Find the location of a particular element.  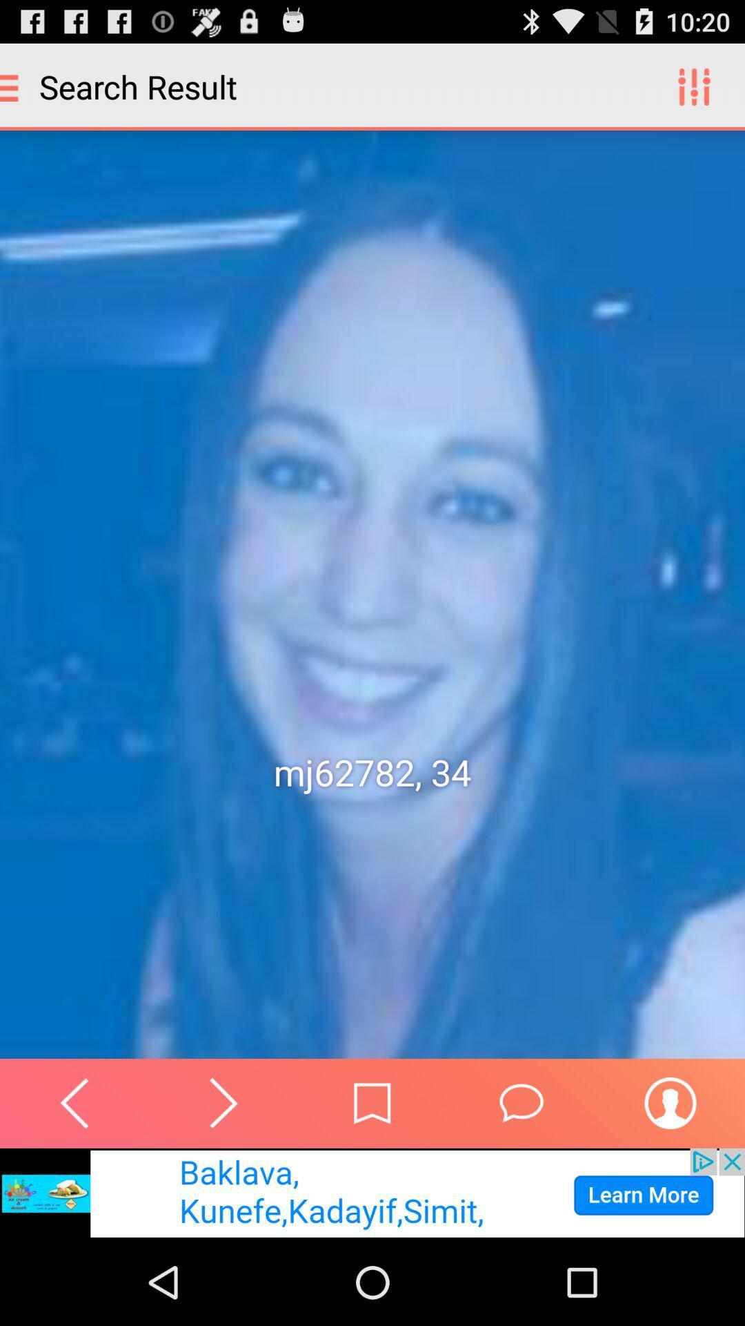

comment is located at coordinates (521, 1102).